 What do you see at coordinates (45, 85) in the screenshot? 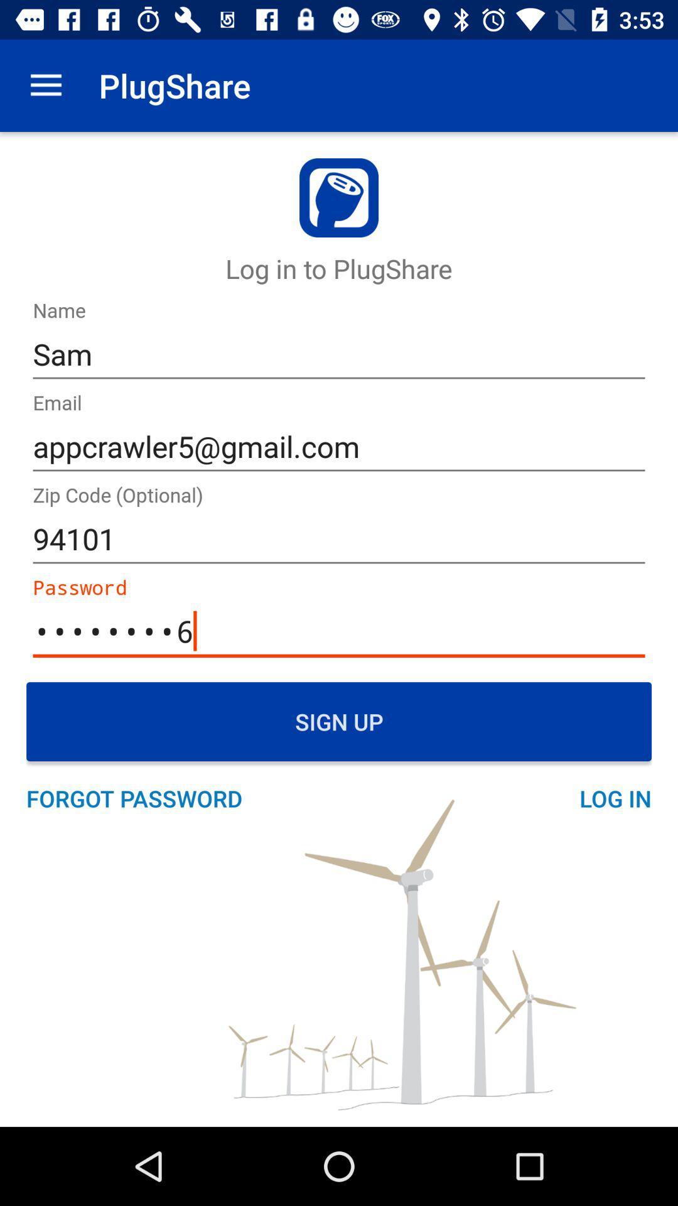
I see `the icon above the log in to item` at bounding box center [45, 85].